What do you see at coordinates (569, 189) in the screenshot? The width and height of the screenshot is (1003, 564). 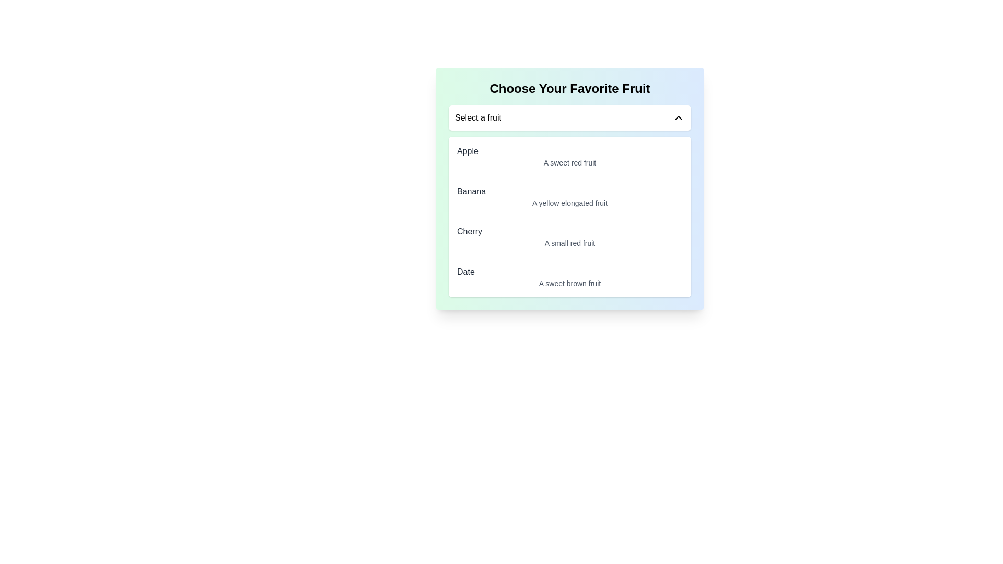 I see `the second item in the list labeled 'Banana'` at bounding box center [569, 189].